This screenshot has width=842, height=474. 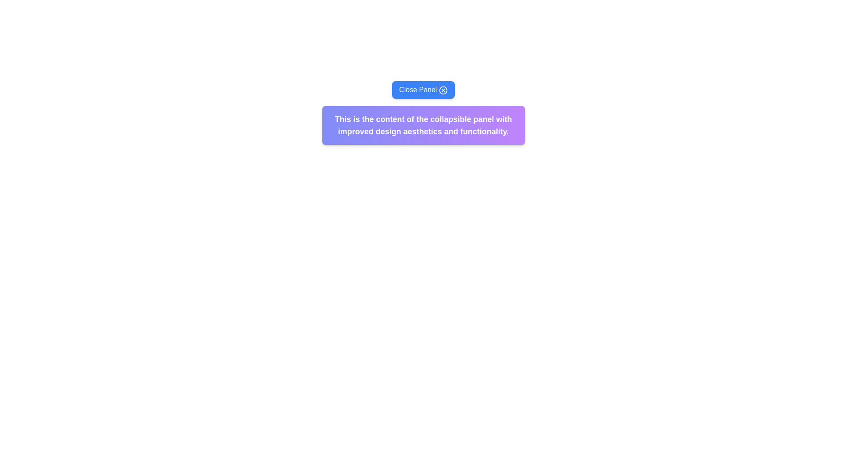 I want to click on the blue 'Close Panel' button with rounded corners and a shadow effect, so click(x=423, y=90).